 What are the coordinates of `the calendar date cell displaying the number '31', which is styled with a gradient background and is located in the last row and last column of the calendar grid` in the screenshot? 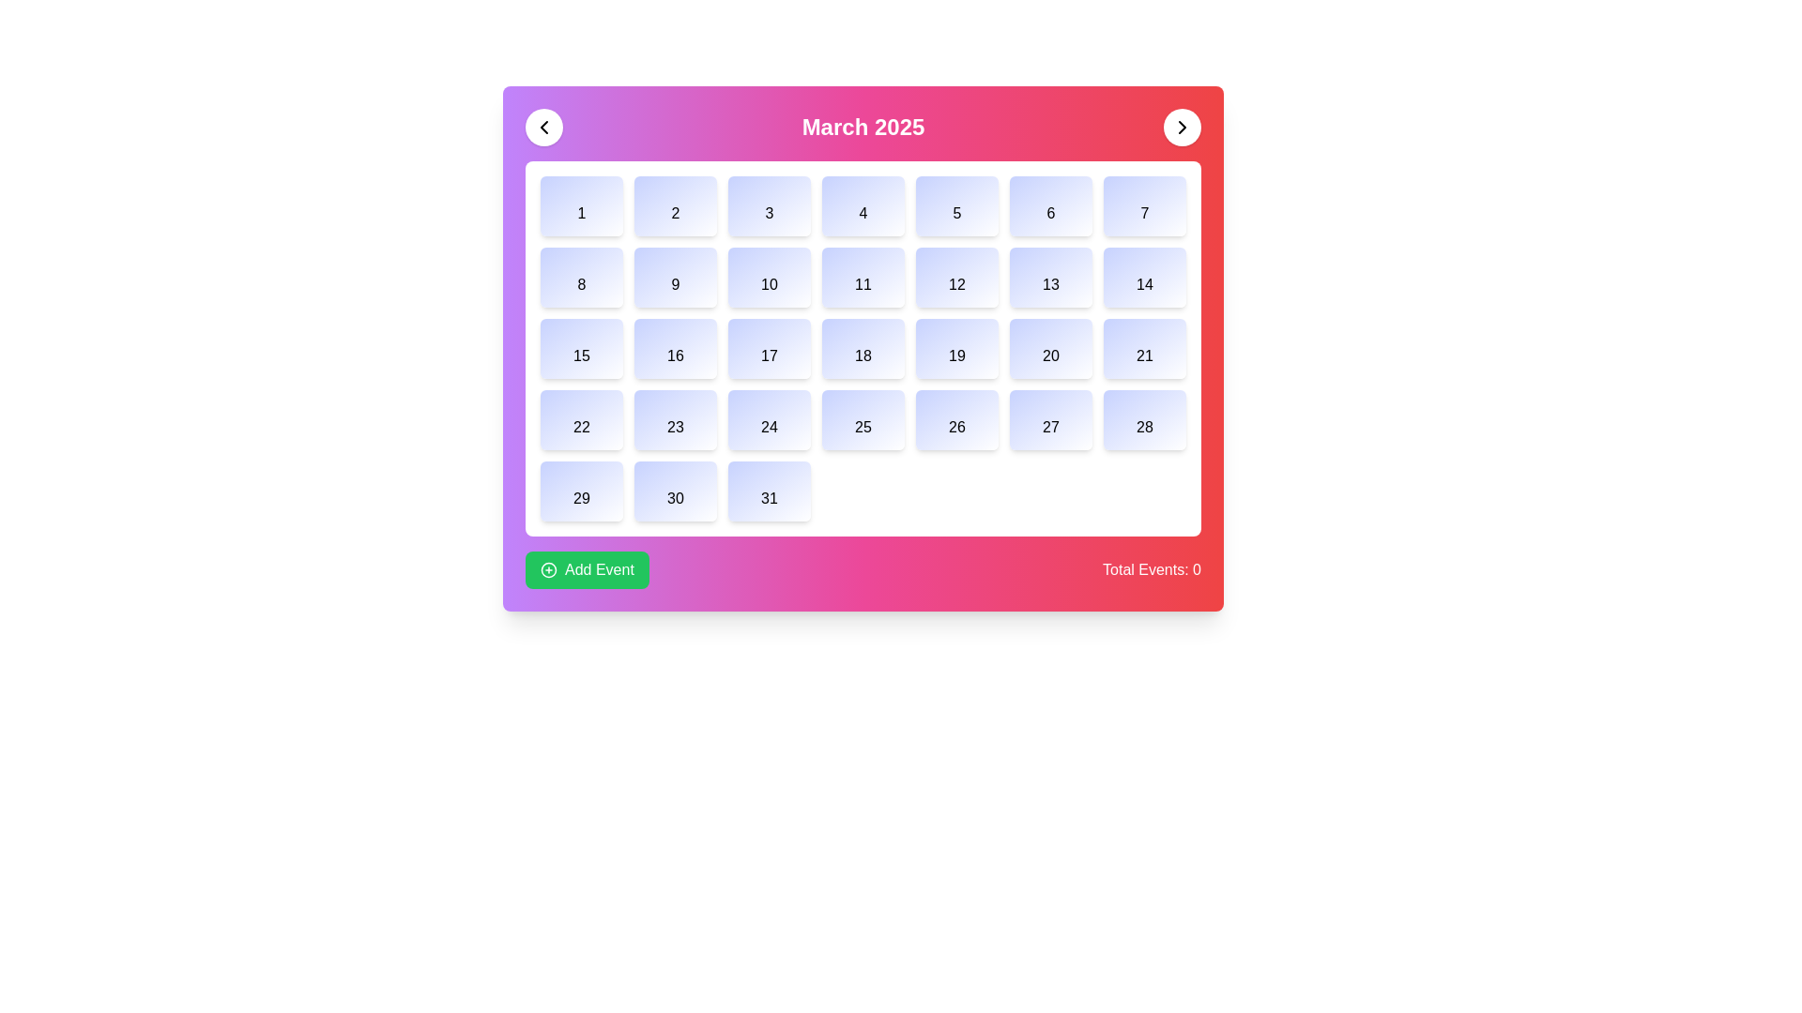 It's located at (770, 491).